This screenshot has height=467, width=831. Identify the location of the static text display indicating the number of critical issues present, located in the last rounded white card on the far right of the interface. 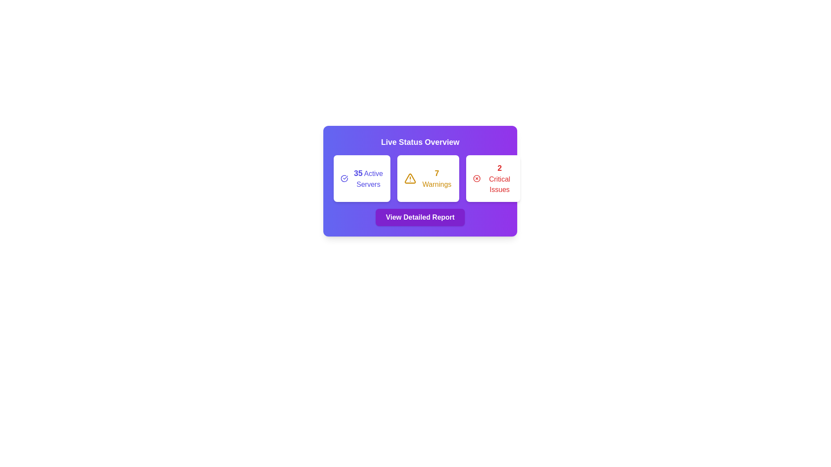
(499, 178).